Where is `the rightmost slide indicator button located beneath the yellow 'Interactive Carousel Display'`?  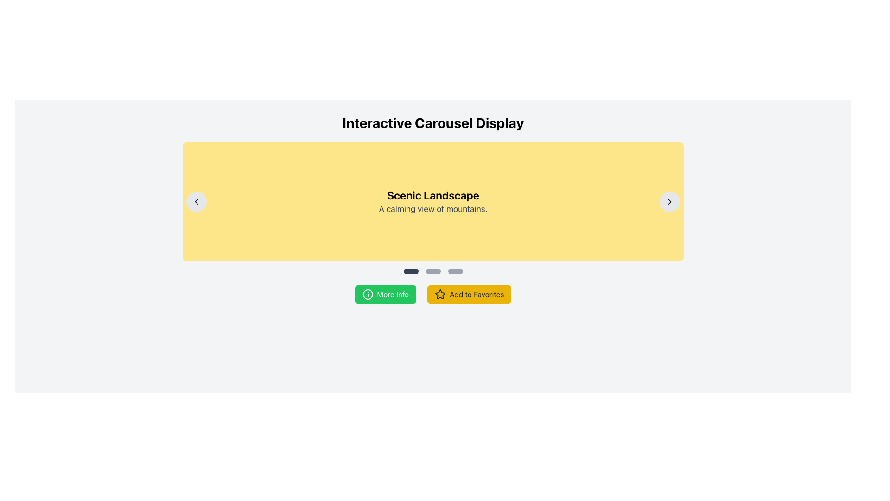
the rightmost slide indicator button located beneath the yellow 'Interactive Carousel Display' is located at coordinates (455, 271).